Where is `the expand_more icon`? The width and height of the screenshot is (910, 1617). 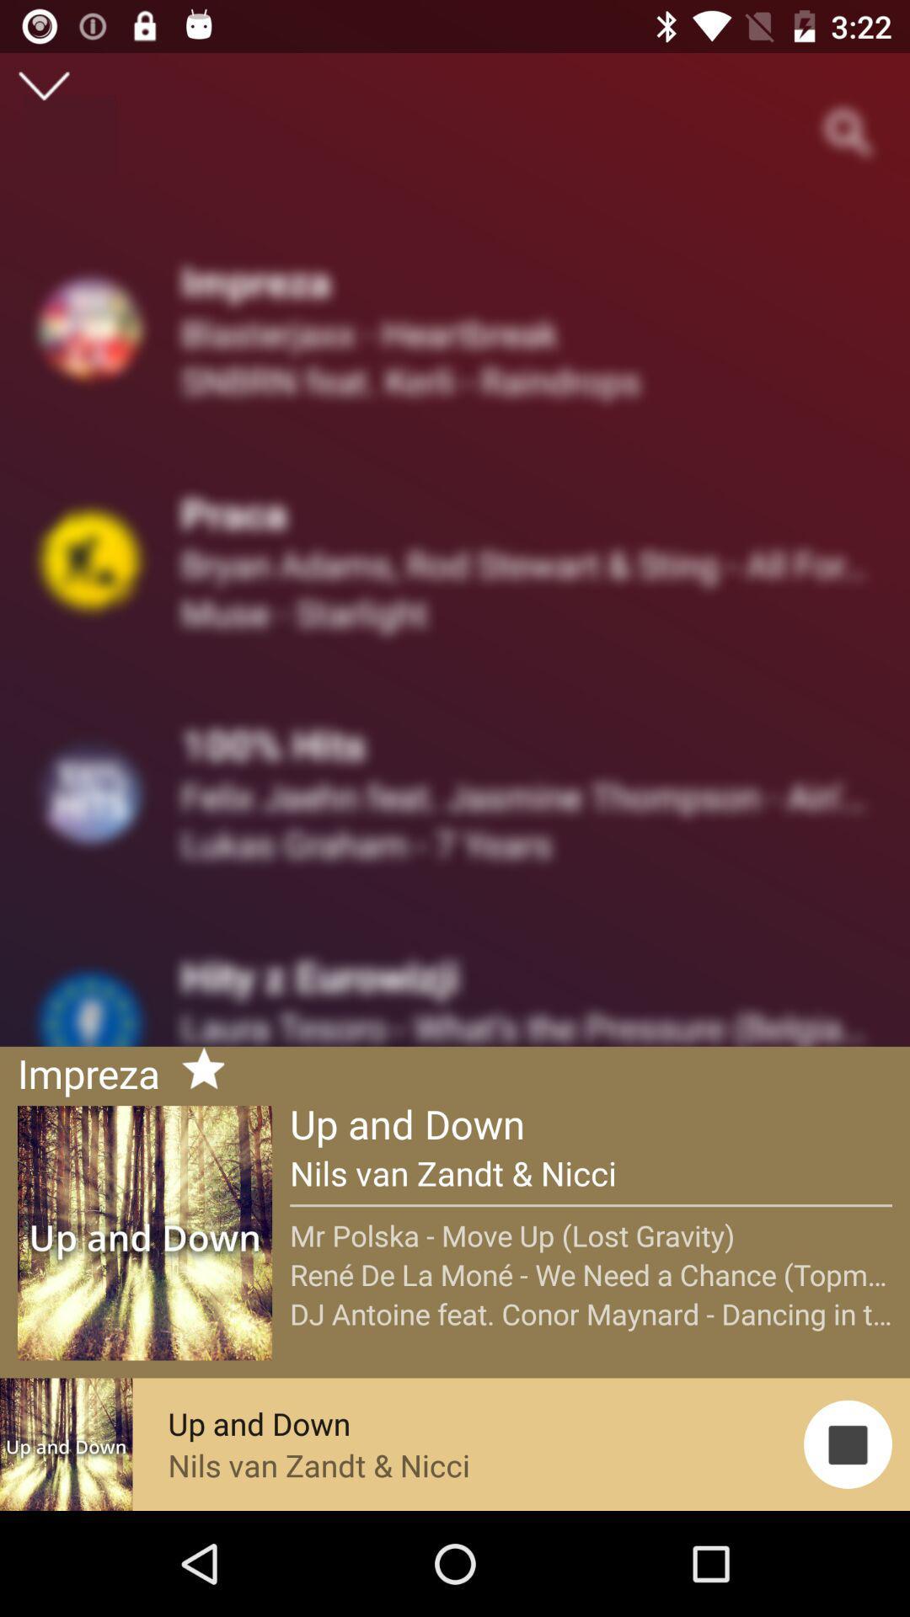 the expand_more icon is located at coordinates (43, 85).